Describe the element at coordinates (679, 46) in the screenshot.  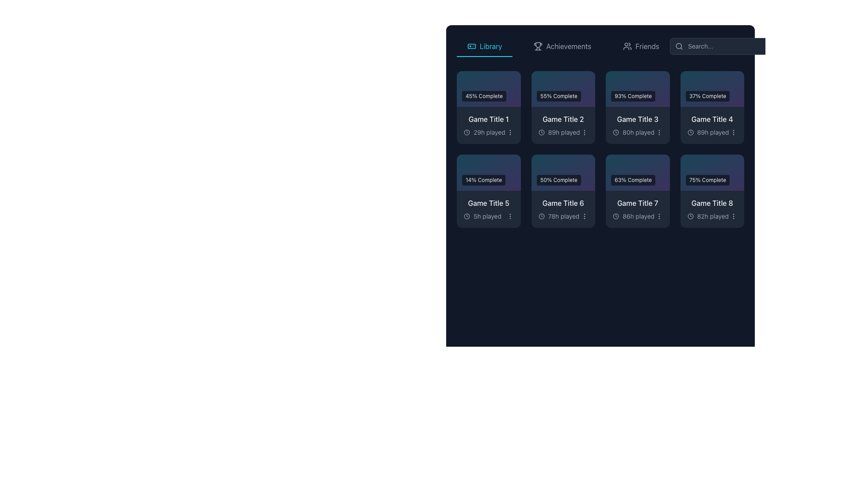
I see `the search icon located inside the search bar, positioned towards the left edge and vertically centered with respect to the input field` at that location.